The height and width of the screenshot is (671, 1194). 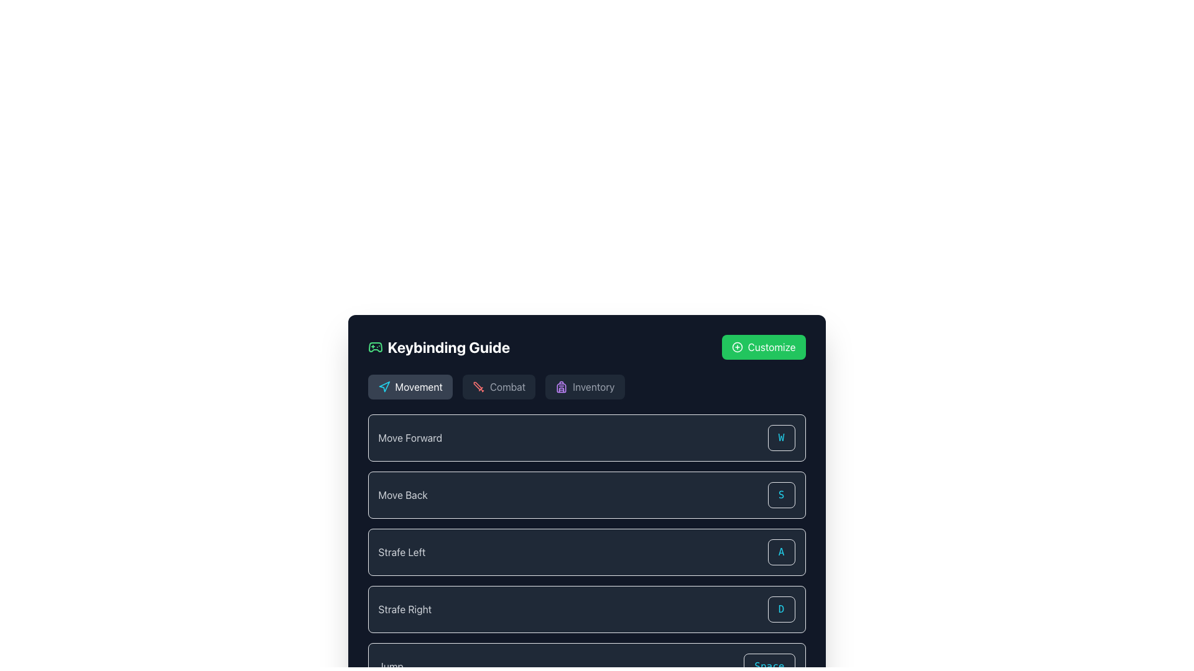 I want to click on the circular icon element located inside the highlighted 'Customize' button at the top right corner of the interface, so click(x=737, y=347).